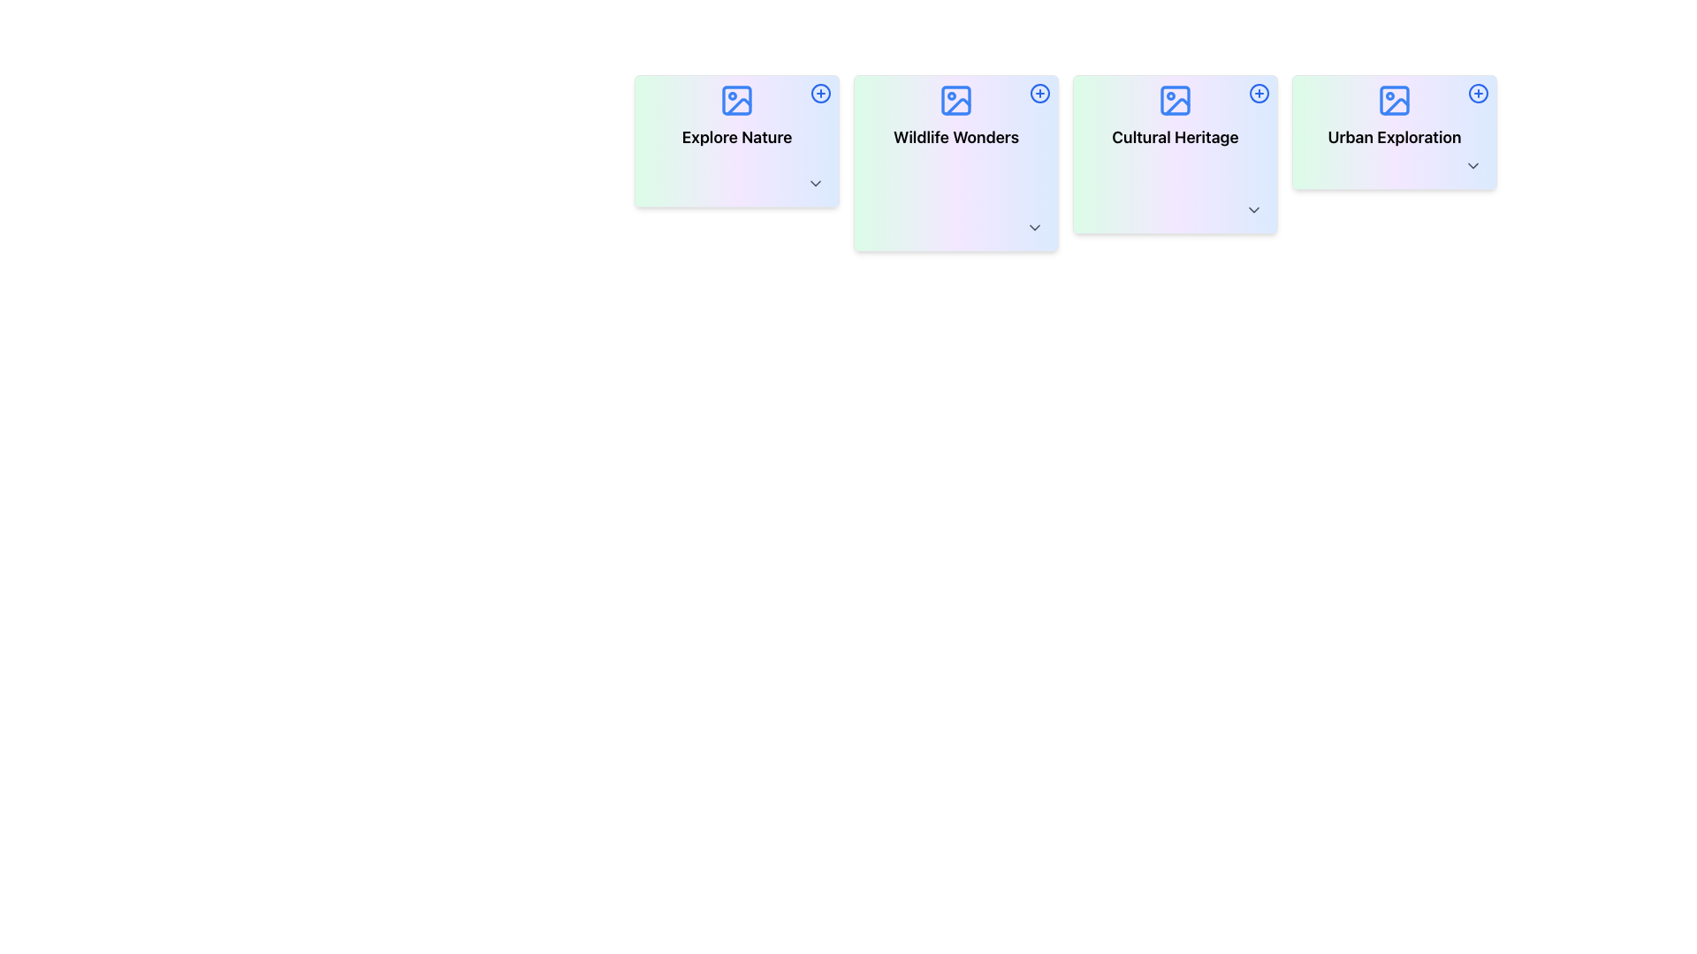  What do you see at coordinates (1394, 101) in the screenshot?
I see `the 'Urban Exploration' icon, which is the fourth card in a horizontal row of cards, positioned centrally along the top edge of the card` at bounding box center [1394, 101].